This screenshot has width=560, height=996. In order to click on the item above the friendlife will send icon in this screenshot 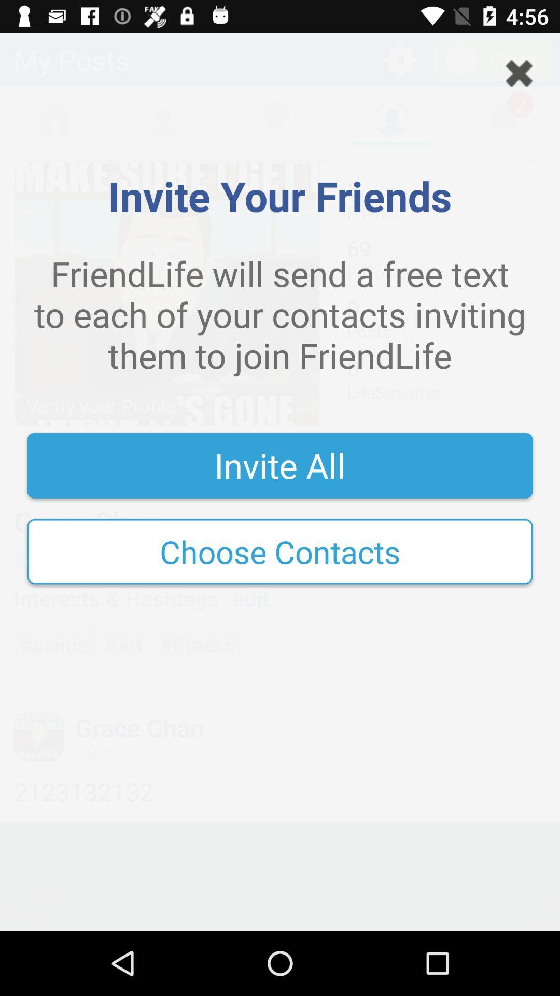, I will do `click(519, 73)`.